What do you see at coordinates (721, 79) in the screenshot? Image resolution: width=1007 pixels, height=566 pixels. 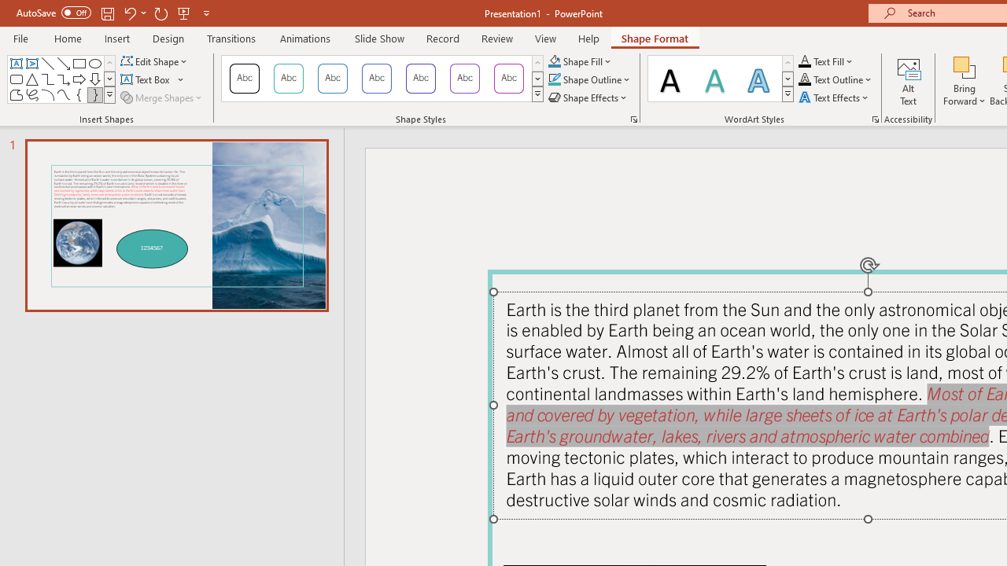 I see `'AutomationID: TextStylesGallery'` at bounding box center [721, 79].